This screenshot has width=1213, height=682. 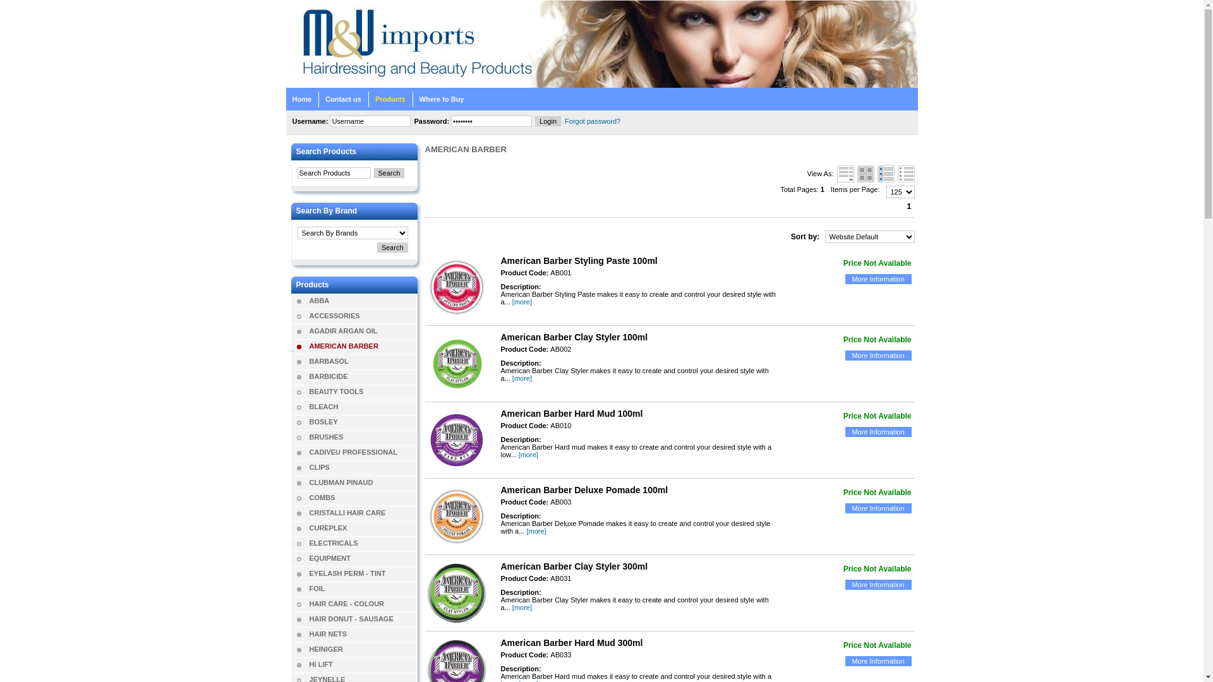 I want to click on 'ABBA', so click(x=362, y=300).